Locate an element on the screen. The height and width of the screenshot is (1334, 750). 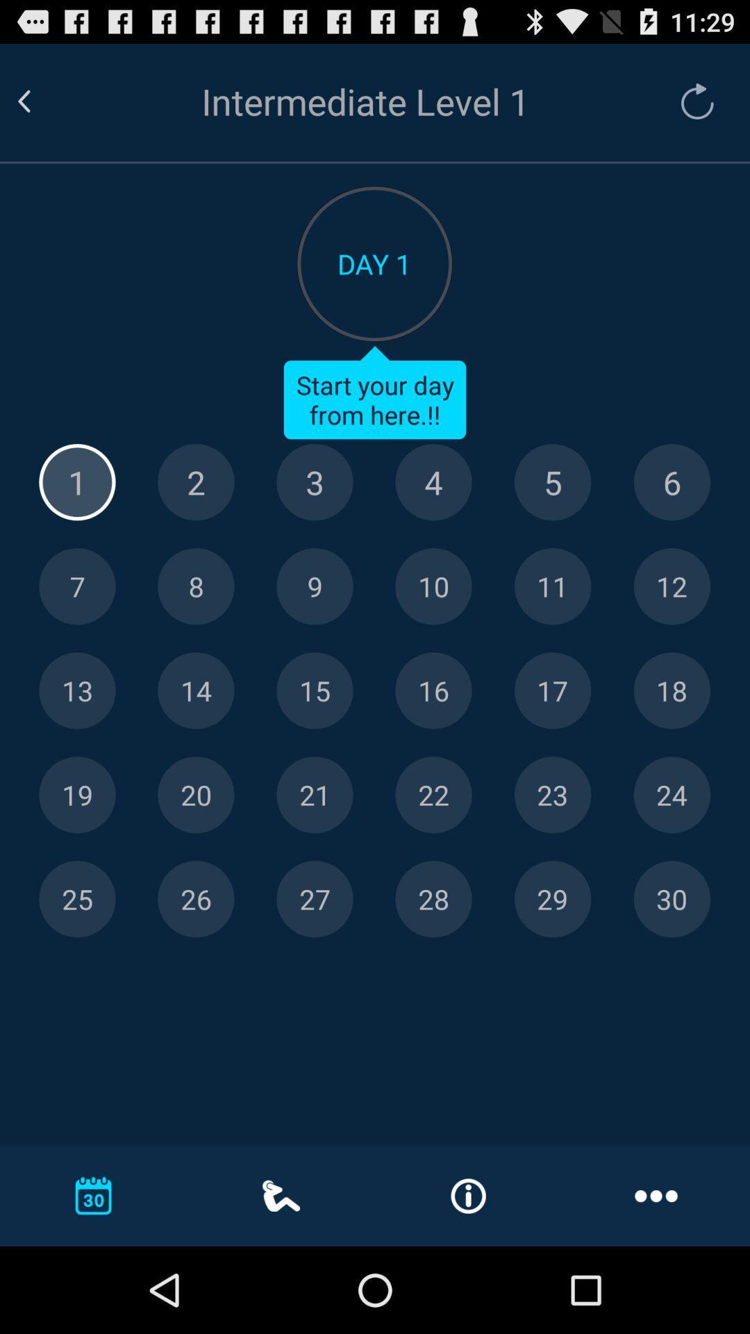
the volume icon is located at coordinates (433, 627).